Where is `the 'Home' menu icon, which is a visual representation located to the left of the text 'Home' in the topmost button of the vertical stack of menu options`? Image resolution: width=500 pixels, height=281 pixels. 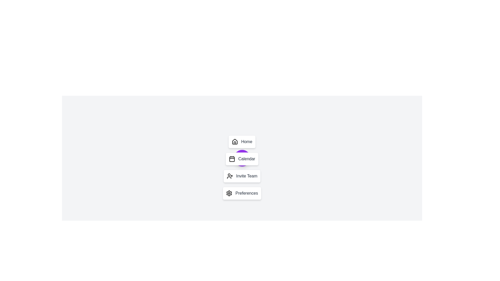 the 'Home' menu icon, which is a visual representation located to the left of the text 'Home' in the topmost button of the vertical stack of menu options is located at coordinates (235, 142).